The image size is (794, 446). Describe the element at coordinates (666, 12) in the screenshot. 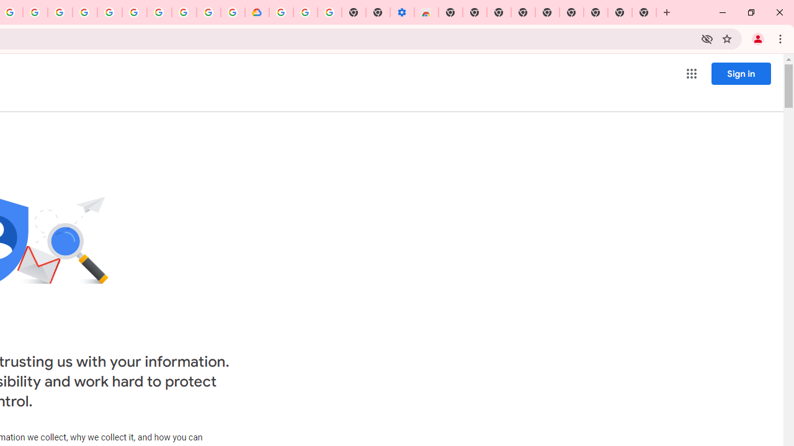

I see `'New Tab'` at that location.